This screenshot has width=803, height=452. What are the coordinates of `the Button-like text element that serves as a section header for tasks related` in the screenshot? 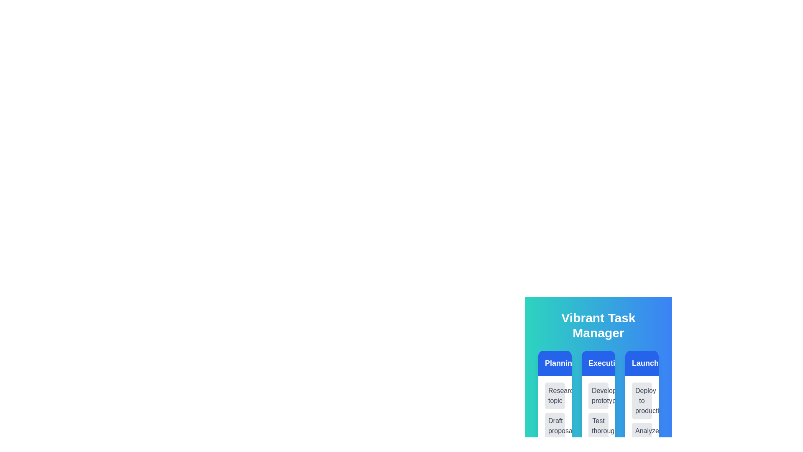 It's located at (642, 362).